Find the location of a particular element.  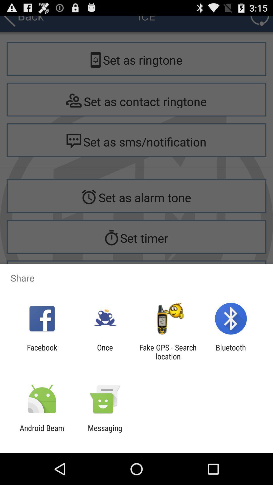

fake gps search icon is located at coordinates (168, 352).